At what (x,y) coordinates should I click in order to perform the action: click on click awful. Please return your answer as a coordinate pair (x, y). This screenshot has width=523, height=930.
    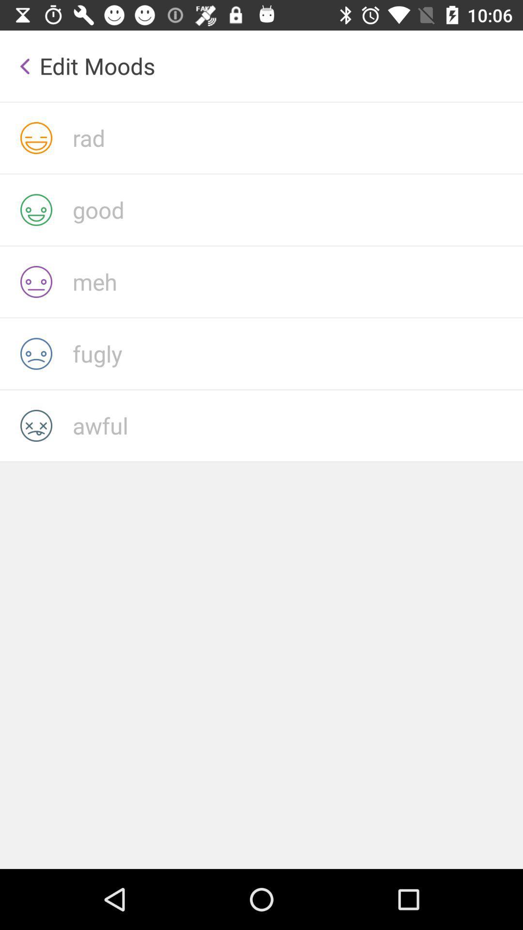
    Looking at the image, I should click on (297, 425).